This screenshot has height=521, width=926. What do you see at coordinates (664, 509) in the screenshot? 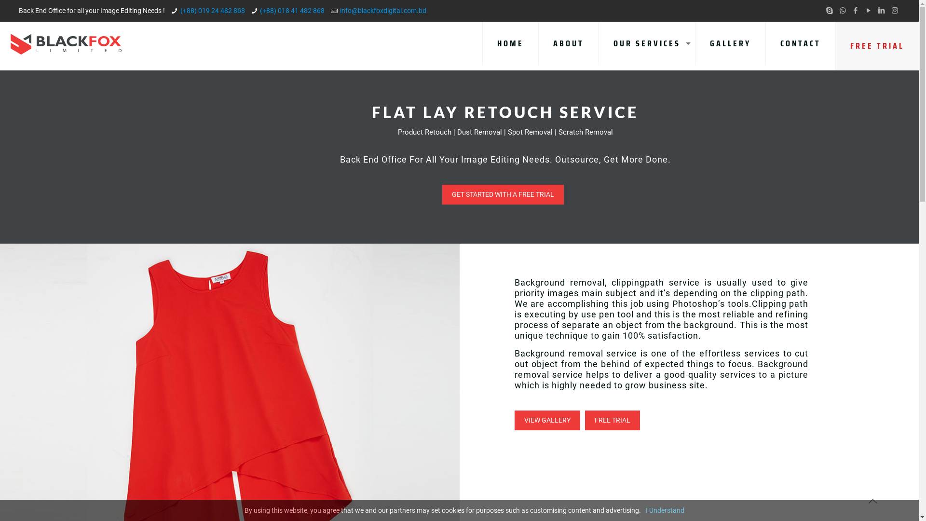
I see `'I Understand'` at bounding box center [664, 509].